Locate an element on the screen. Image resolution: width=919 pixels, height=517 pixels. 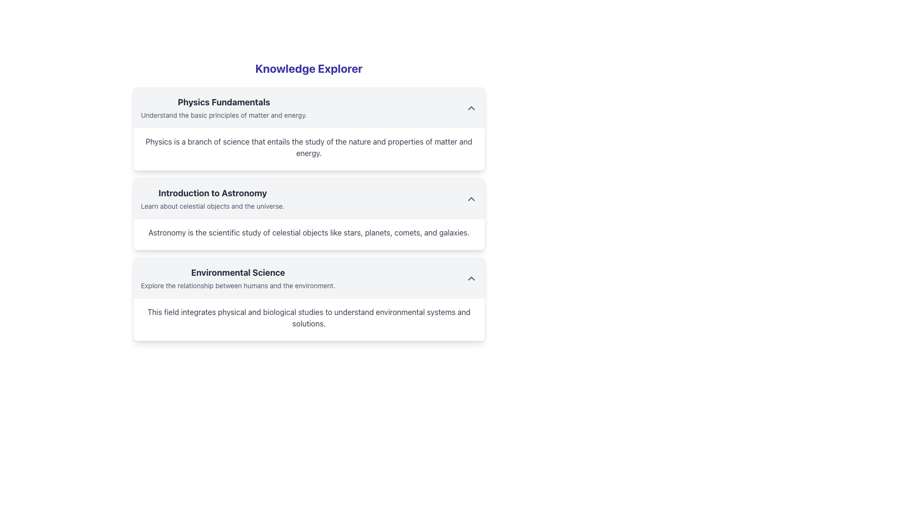
text element displaying 'Learn about celestial objects and the universe.' which is styled in gray and positioned below the title 'Introduction to Astronomy' is located at coordinates (212, 205).